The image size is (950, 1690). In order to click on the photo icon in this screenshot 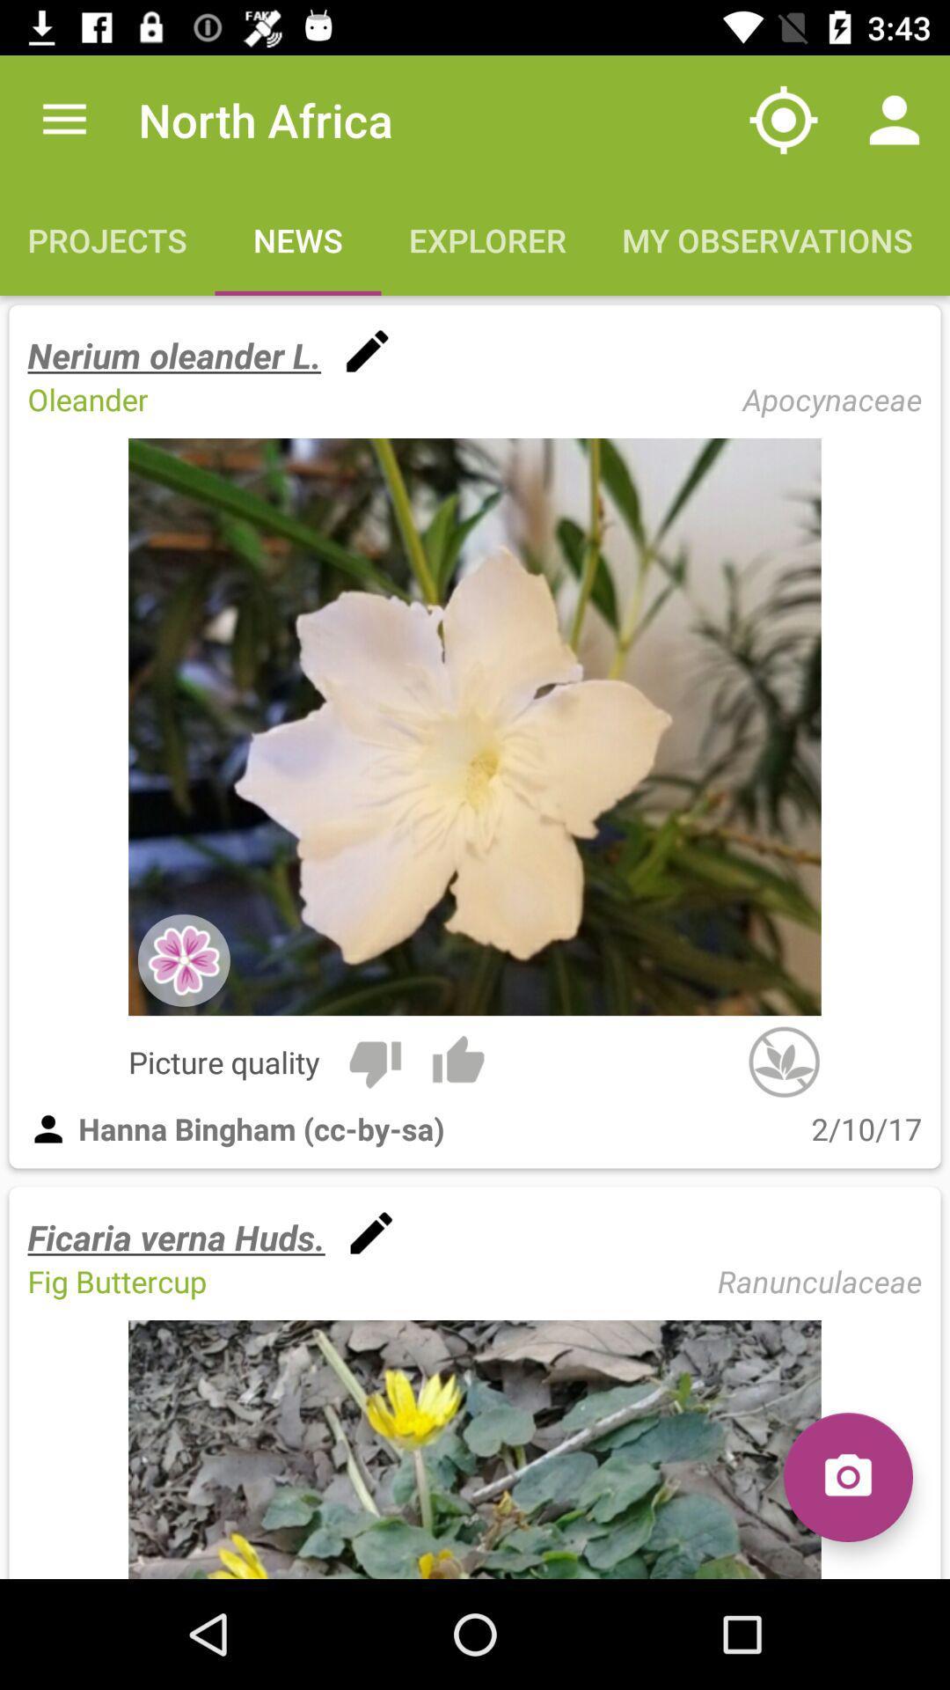, I will do `click(847, 1477)`.